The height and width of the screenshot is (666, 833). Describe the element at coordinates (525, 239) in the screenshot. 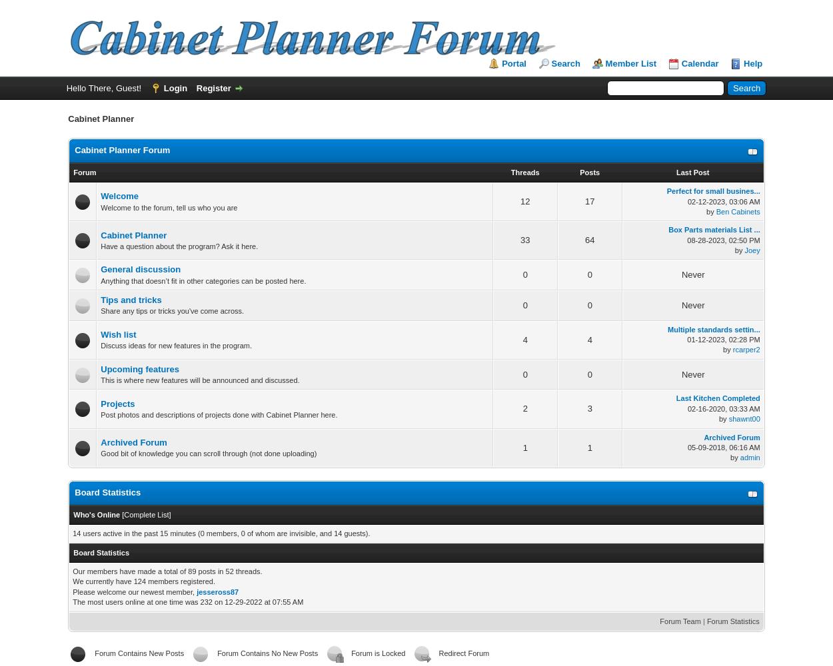

I see `'33'` at that location.